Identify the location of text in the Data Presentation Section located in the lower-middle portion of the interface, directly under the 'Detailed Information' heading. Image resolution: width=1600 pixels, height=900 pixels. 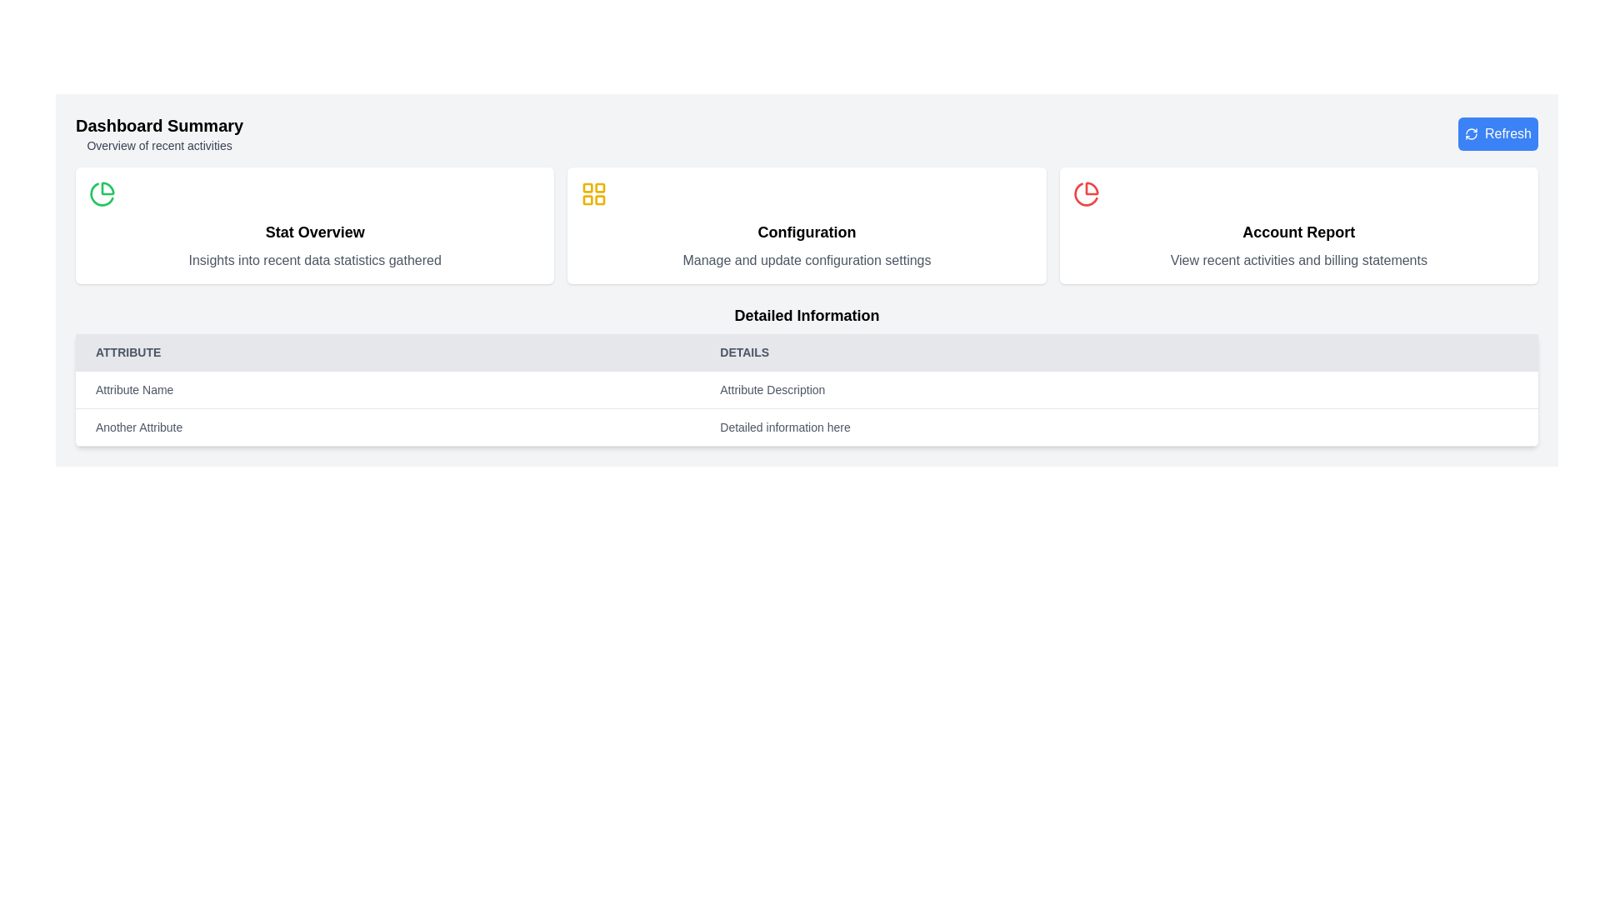
(807, 408).